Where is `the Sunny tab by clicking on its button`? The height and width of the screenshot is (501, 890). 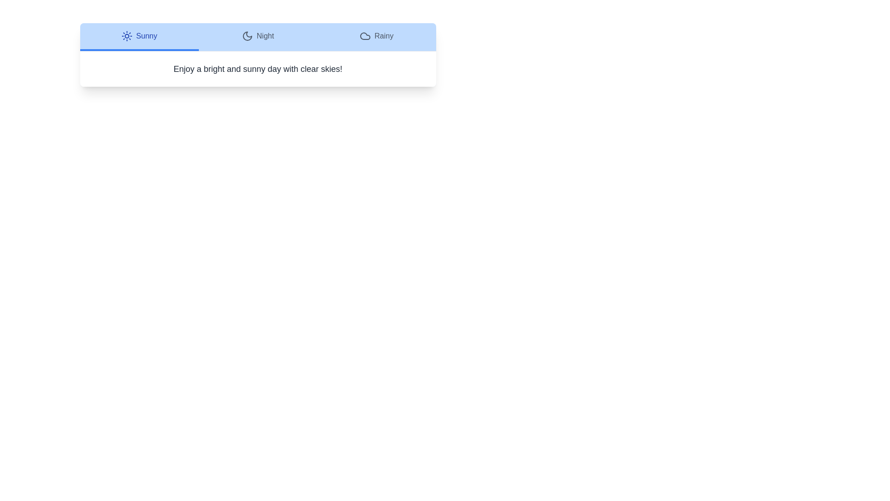 the Sunny tab by clicking on its button is located at coordinates (139, 37).